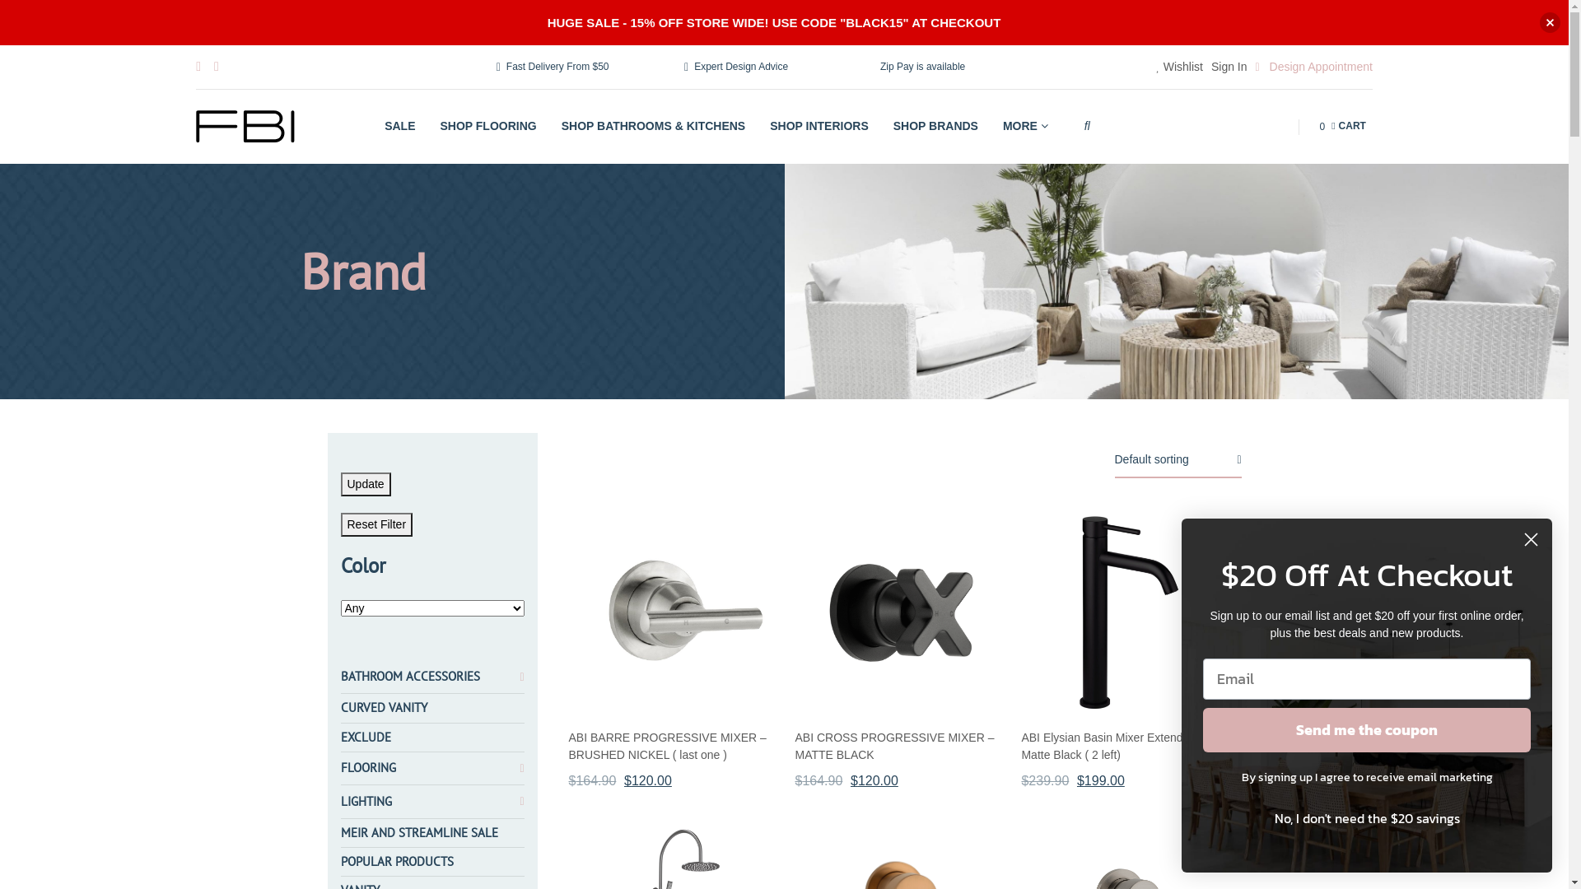  I want to click on 'MEIR AND STREAMLINE SALE', so click(339, 832).